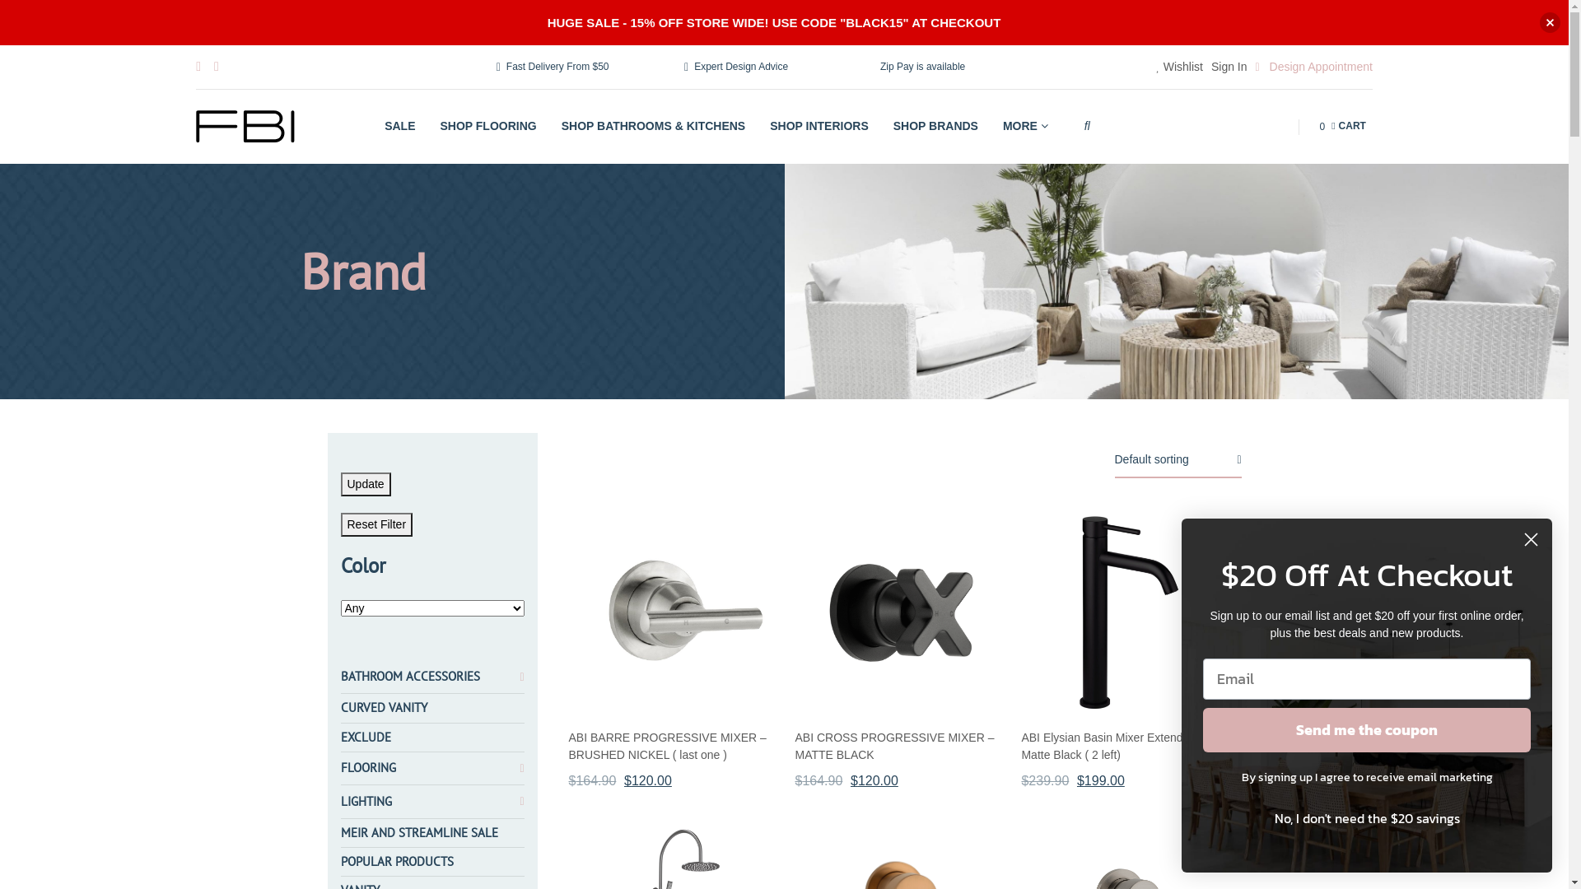  I want to click on 'MEIR AND STREAMLINE SALE', so click(339, 832).